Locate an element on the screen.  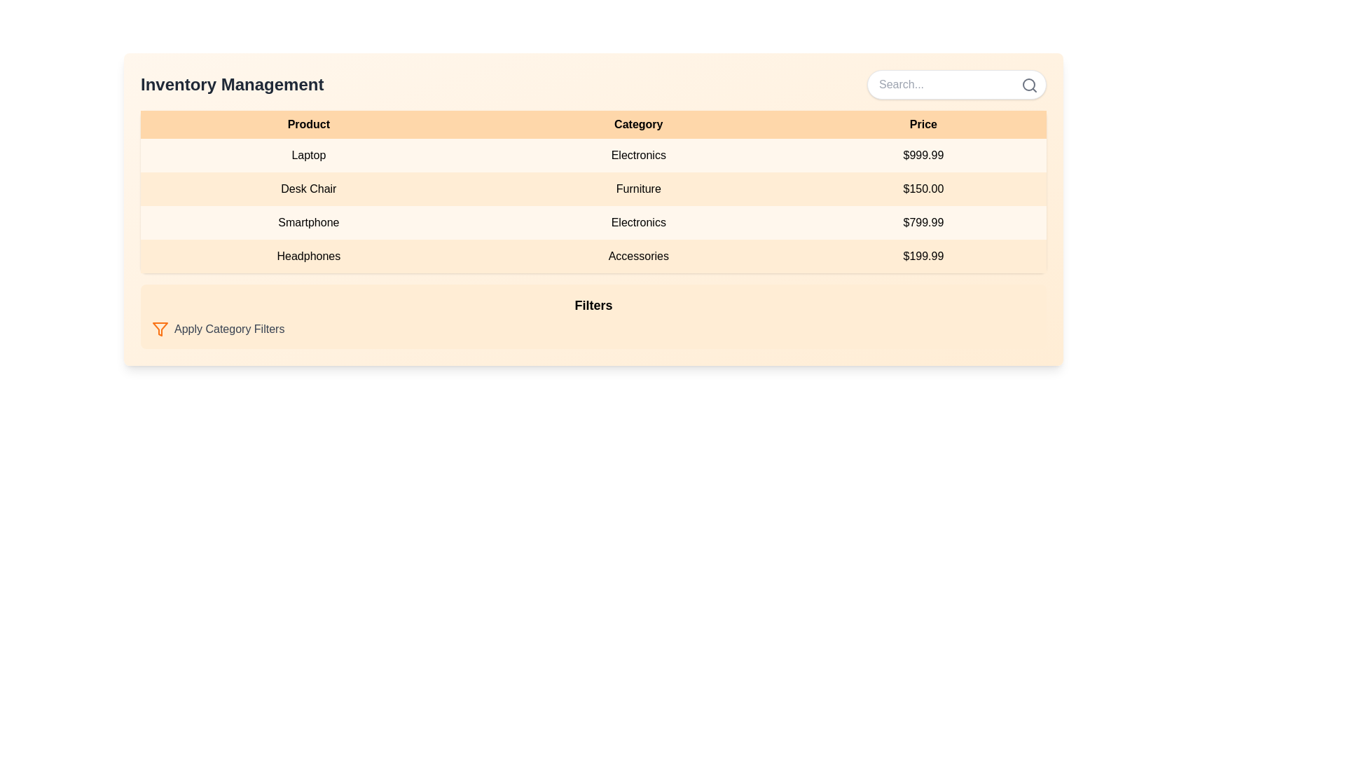
the orange filter icon shaped like an inverted triangle, located next to the 'Apply Category Filters' label is located at coordinates (160, 329).